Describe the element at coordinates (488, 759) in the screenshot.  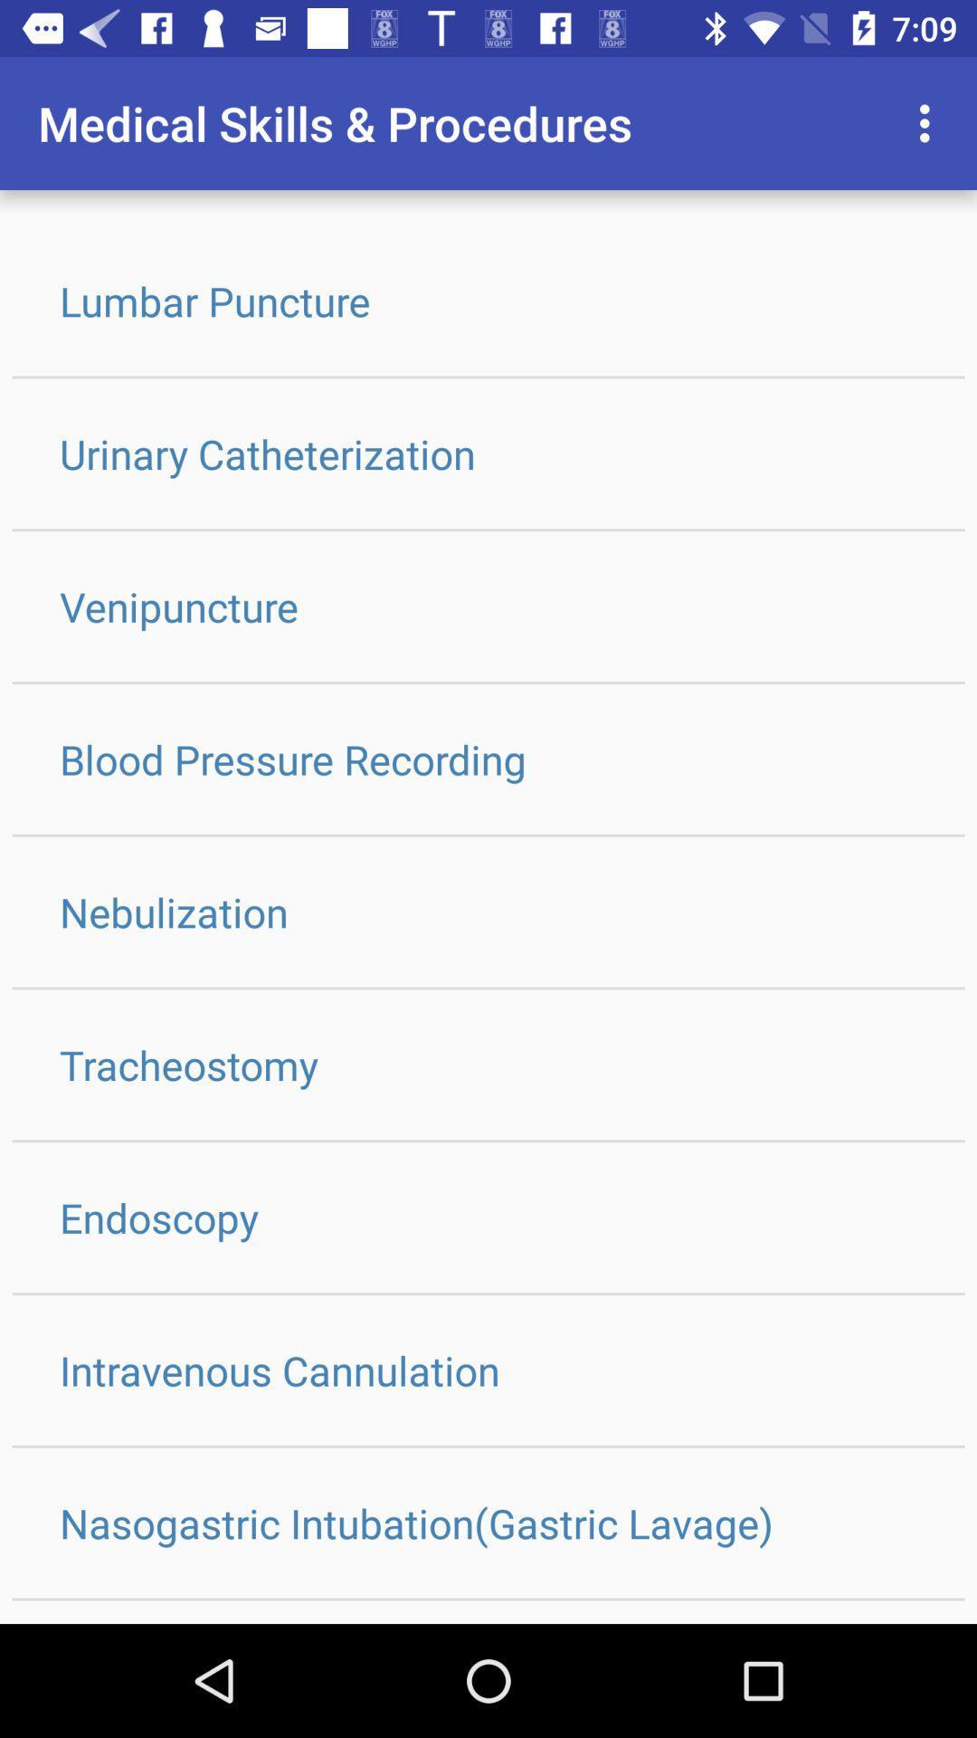
I see `blood pressure recording icon` at that location.